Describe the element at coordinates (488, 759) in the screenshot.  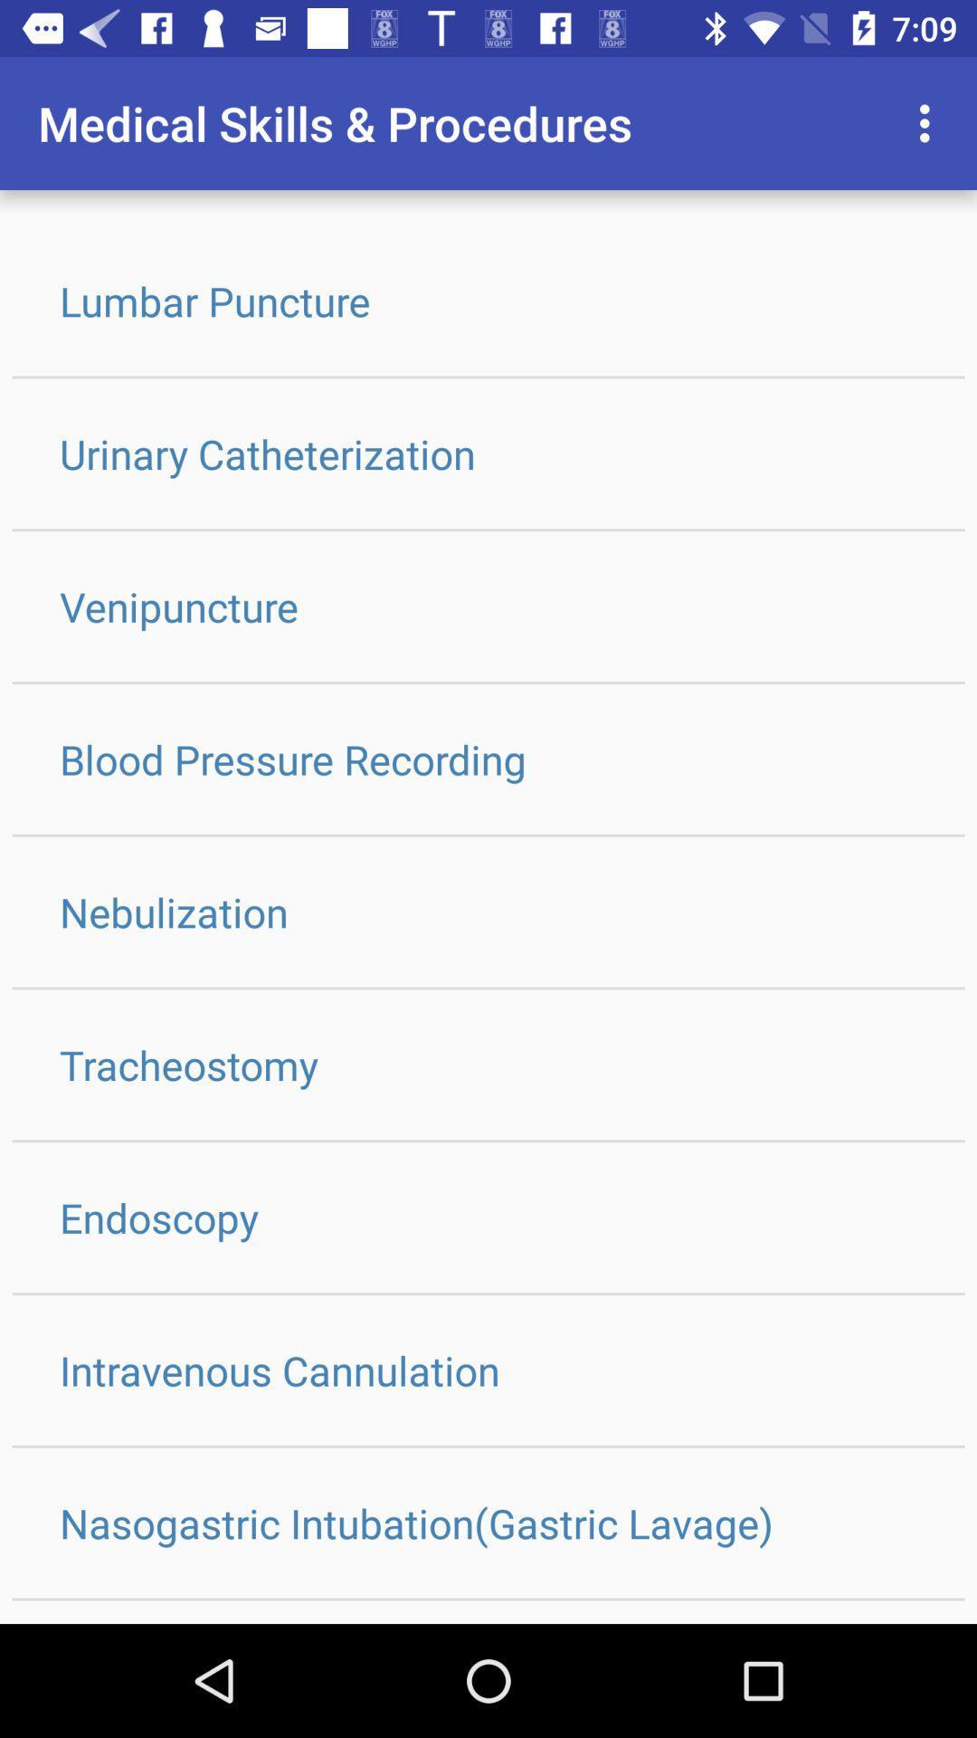
I see `blood pressure recording icon` at that location.